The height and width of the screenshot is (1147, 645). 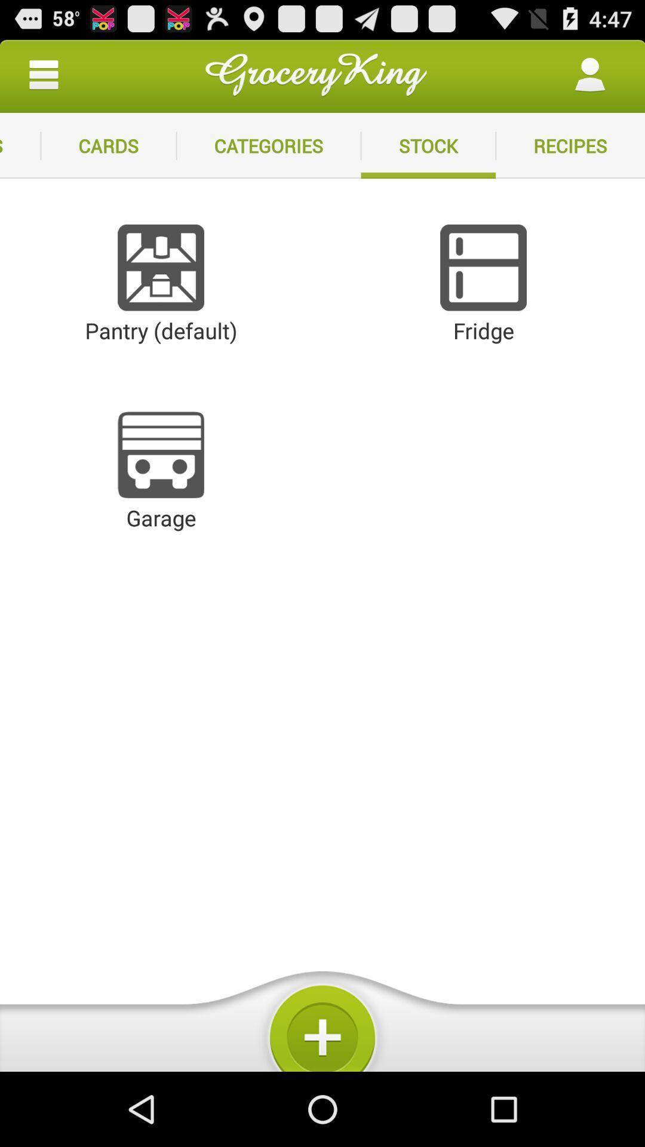 What do you see at coordinates (428, 145) in the screenshot?
I see `the stock app` at bounding box center [428, 145].